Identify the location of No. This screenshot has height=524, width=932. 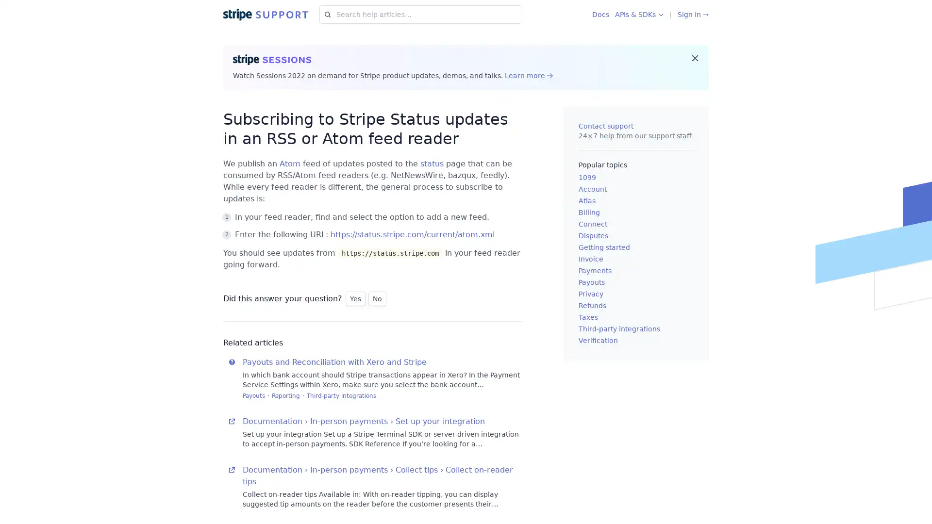
(377, 298).